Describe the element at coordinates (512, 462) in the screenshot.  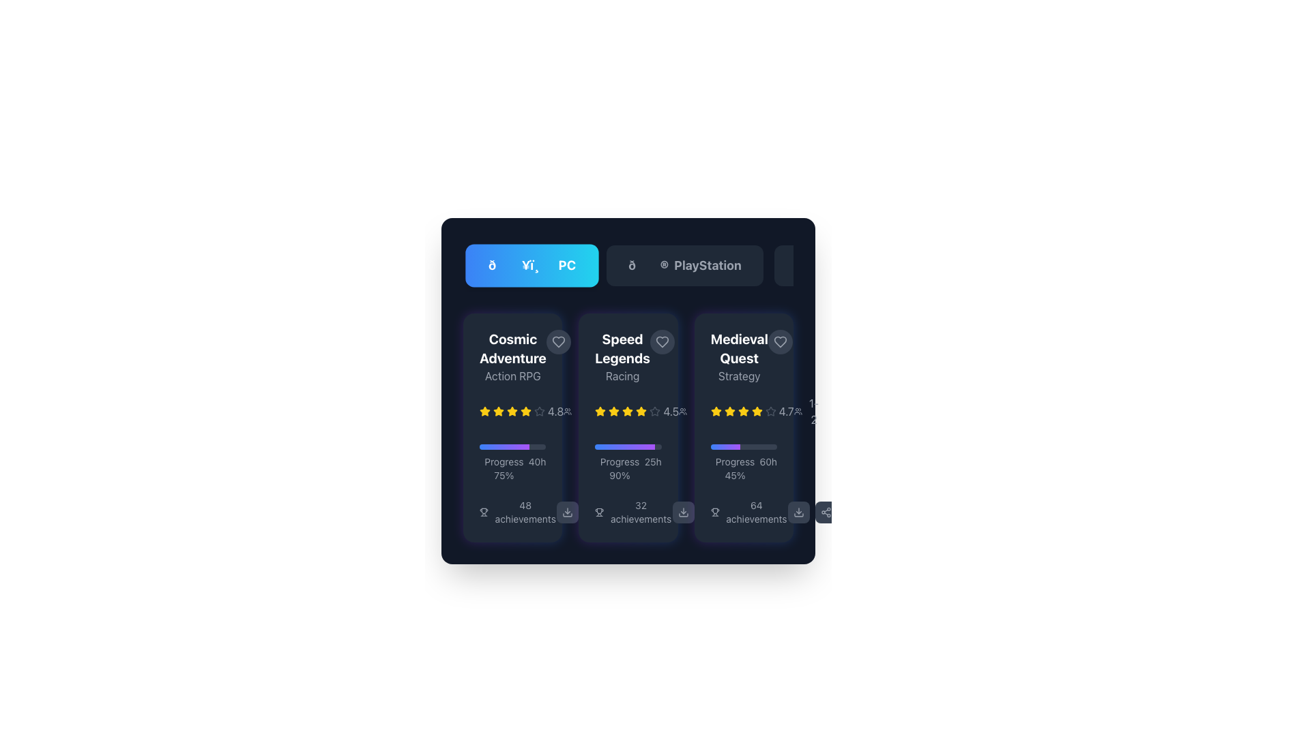
I see `the progress bar displaying 'Progress 75%' and '40h' located in the 'Cosmic Adventure' card under the 'Action RPG' category` at that location.